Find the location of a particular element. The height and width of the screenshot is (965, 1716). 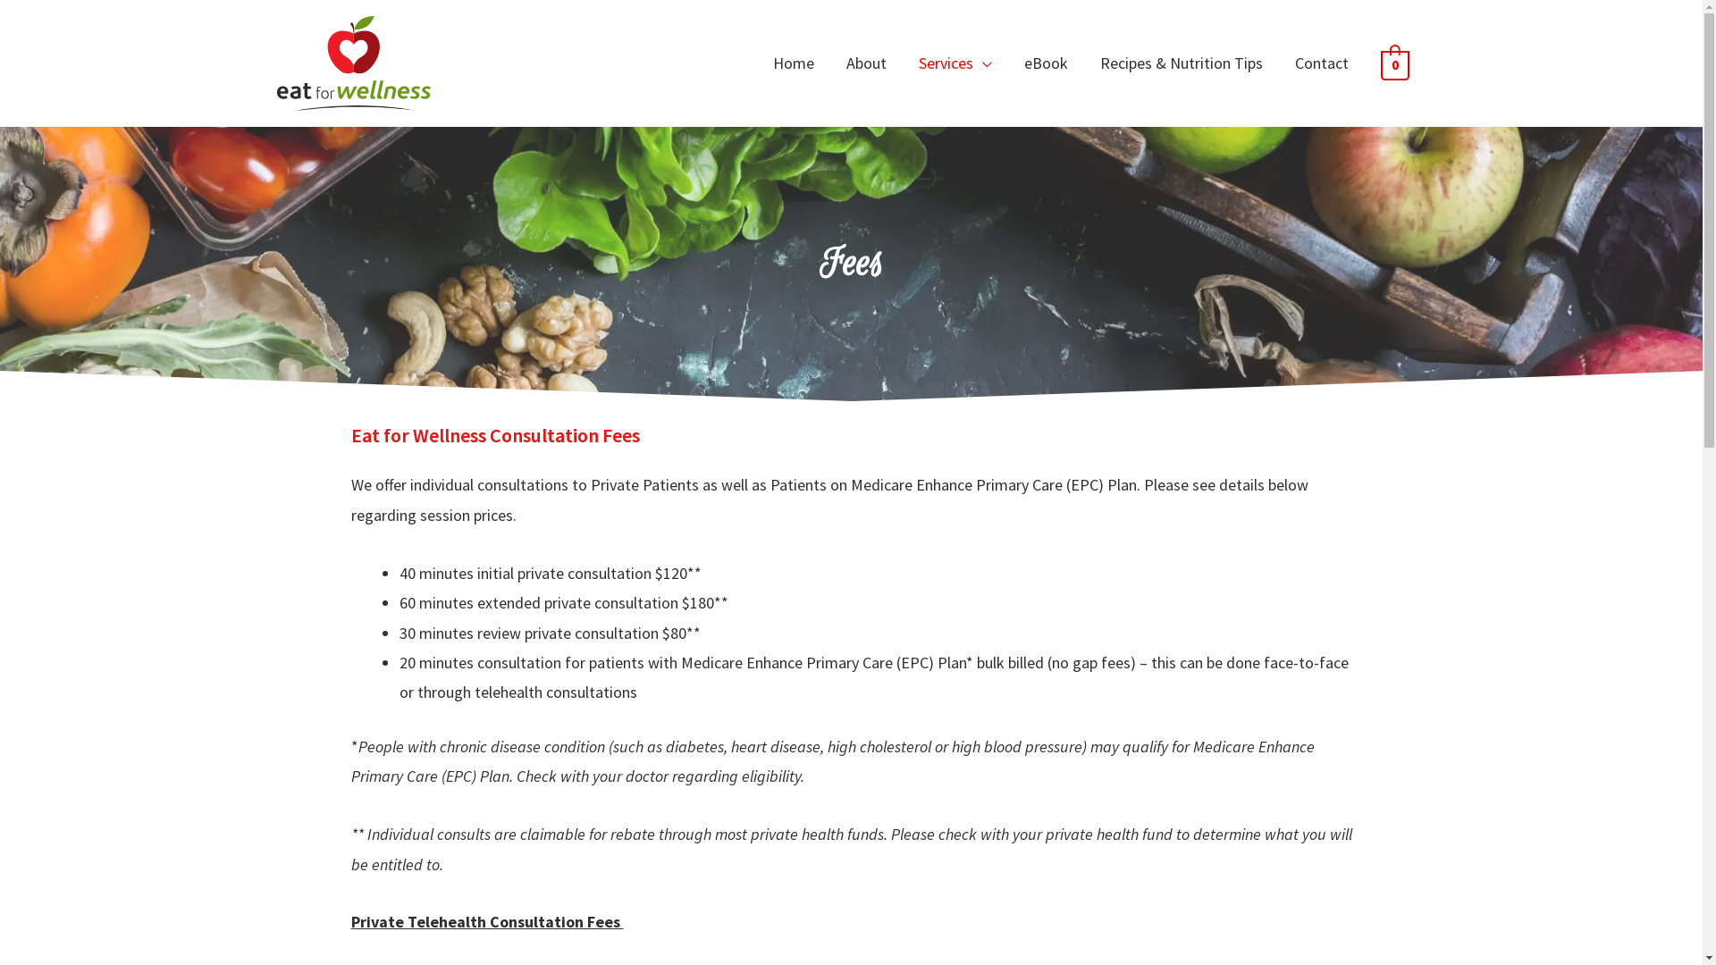

'Recipes & Nutrition Tips' is located at coordinates (1081, 62).